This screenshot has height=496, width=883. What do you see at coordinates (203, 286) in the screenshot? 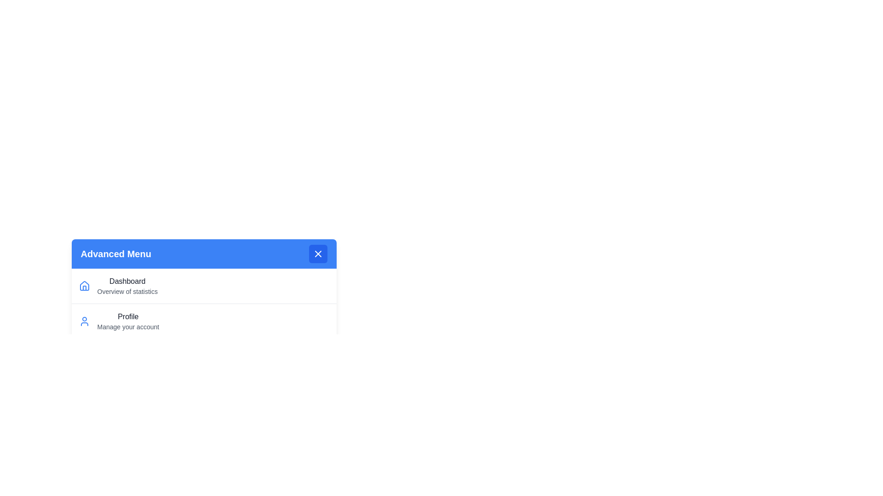
I see `the menu item Dashboard to navigate to its section` at bounding box center [203, 286].